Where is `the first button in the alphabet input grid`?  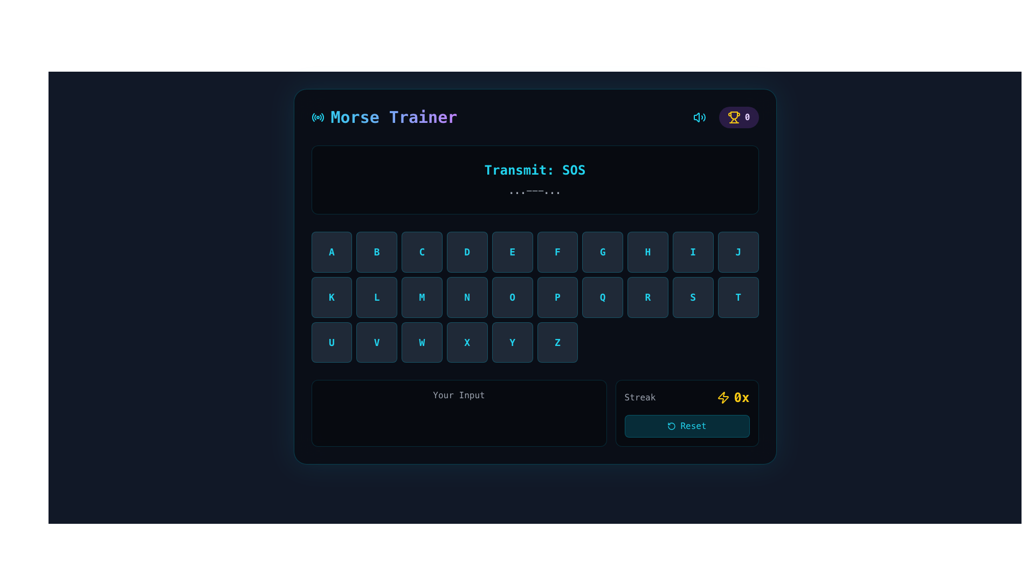 the first button in the alphabet input grid is located at coordinates (331, 252).